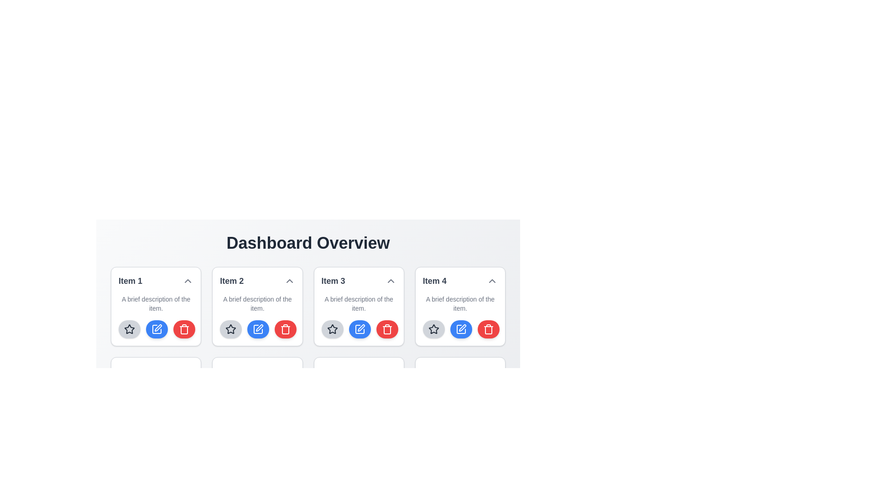 This screenshot has height=492, width=876. I want to click on the delete icon button located in the button group of the second card, which is to the right of the pencil icon button and beneath the 'Item 2' label, so click(183, 329).